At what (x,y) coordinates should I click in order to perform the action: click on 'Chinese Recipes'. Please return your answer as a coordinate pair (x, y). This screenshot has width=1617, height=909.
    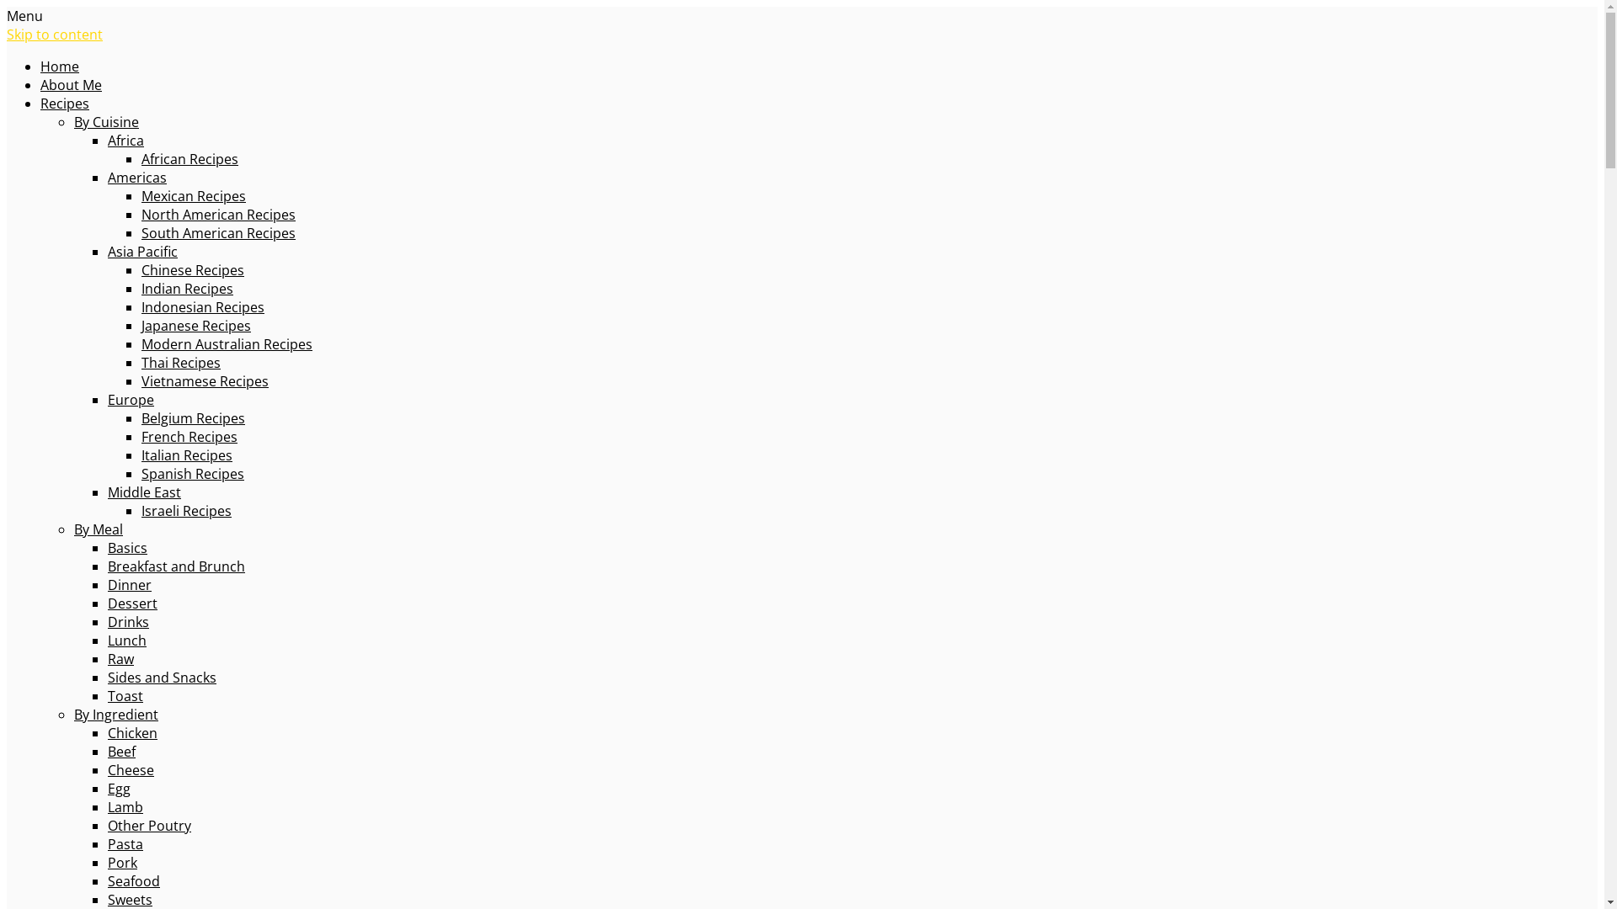
    Looking at the image, I should click on (141, 268).